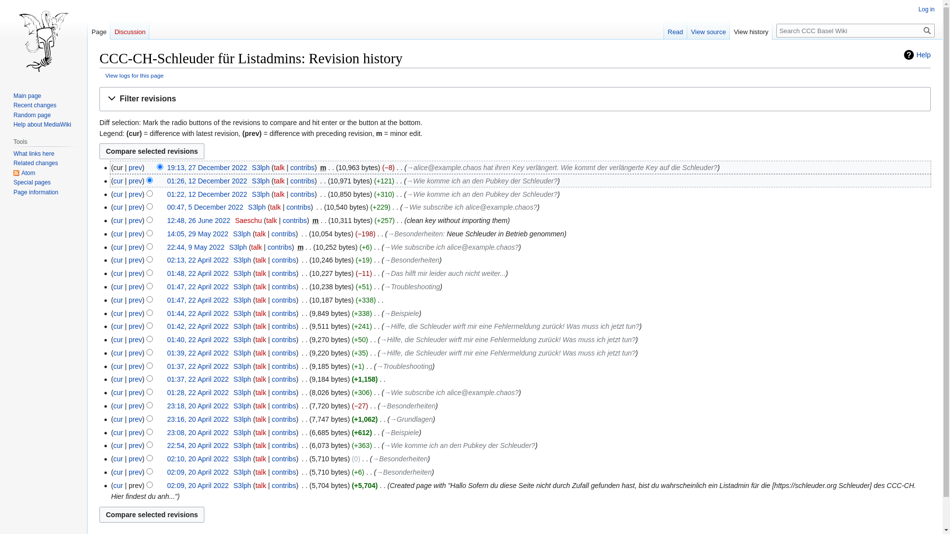 This screenshot has width=950, height=534. What do you see at coordinates (302, 181) in the screenshot?
I see `'contribs'` at bounding box center [302, 181].